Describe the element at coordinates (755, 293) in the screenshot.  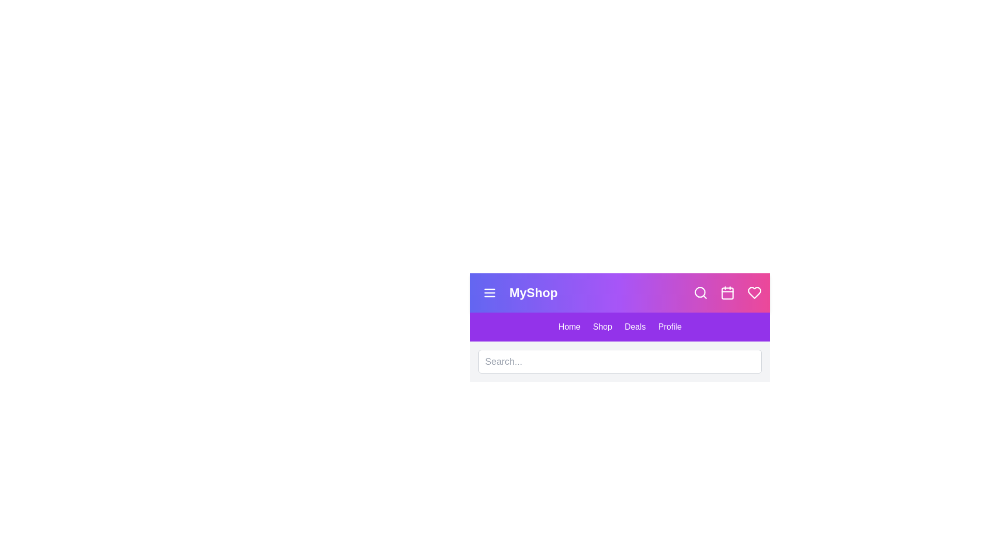
I see `the Heart icon to trigger its action` at that location.